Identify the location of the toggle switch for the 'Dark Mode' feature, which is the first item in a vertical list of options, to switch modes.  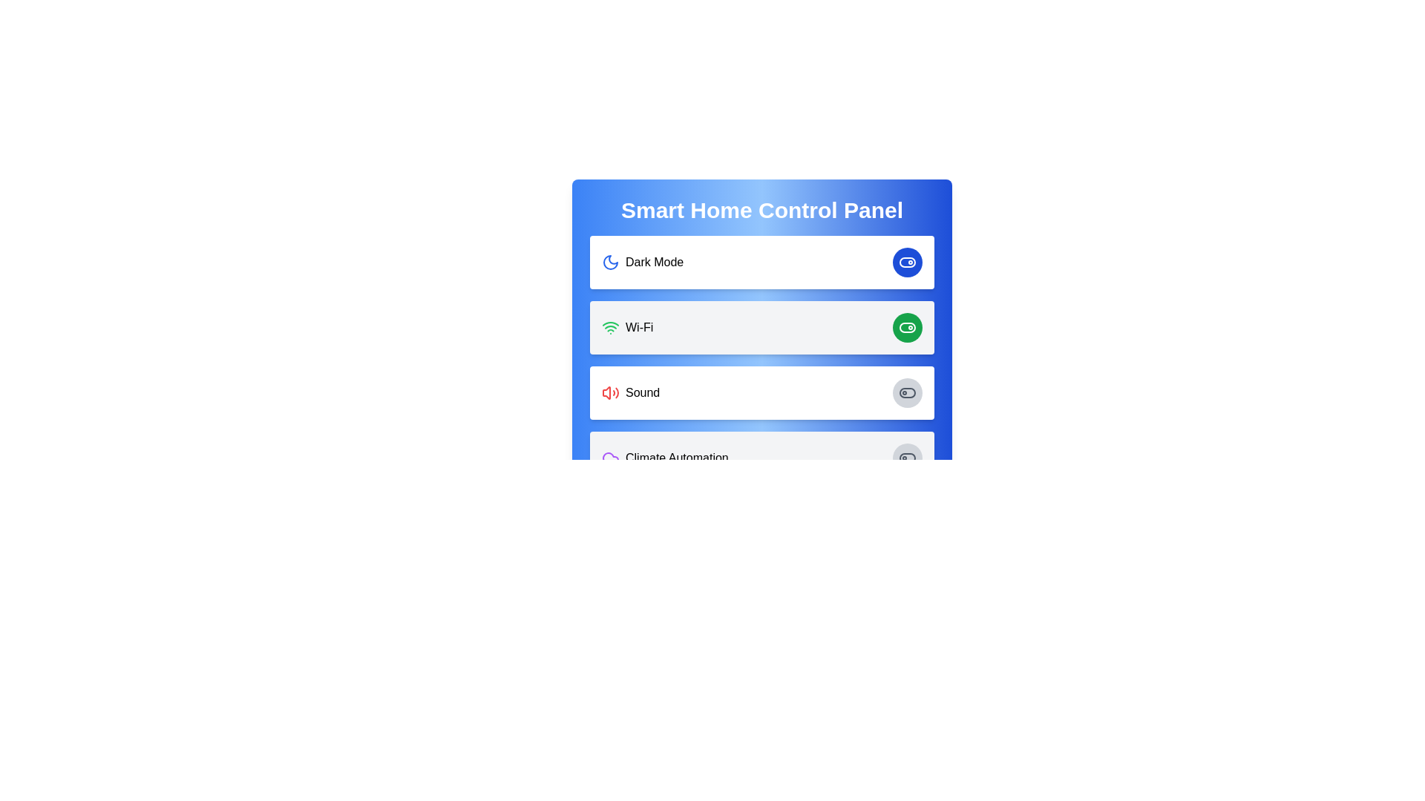
(762, 262).